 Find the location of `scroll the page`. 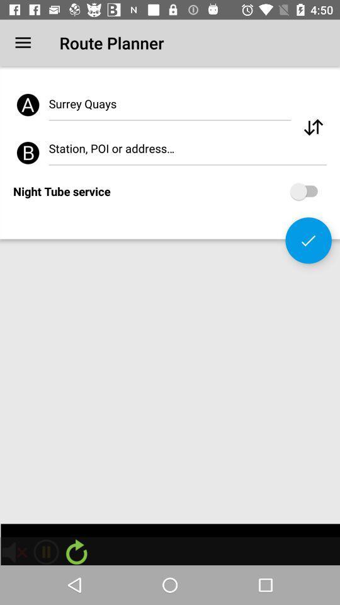

scroll the page is located at coordinates (312, 127).